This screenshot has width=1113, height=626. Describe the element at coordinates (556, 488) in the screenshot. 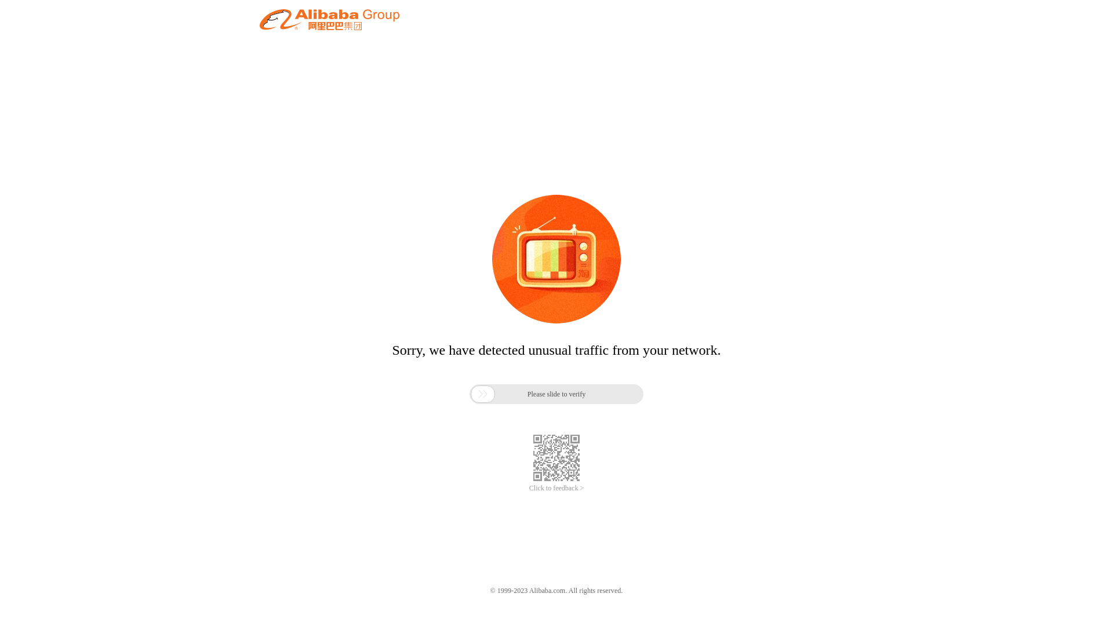

I see `'Click to feedback >'` at that location.